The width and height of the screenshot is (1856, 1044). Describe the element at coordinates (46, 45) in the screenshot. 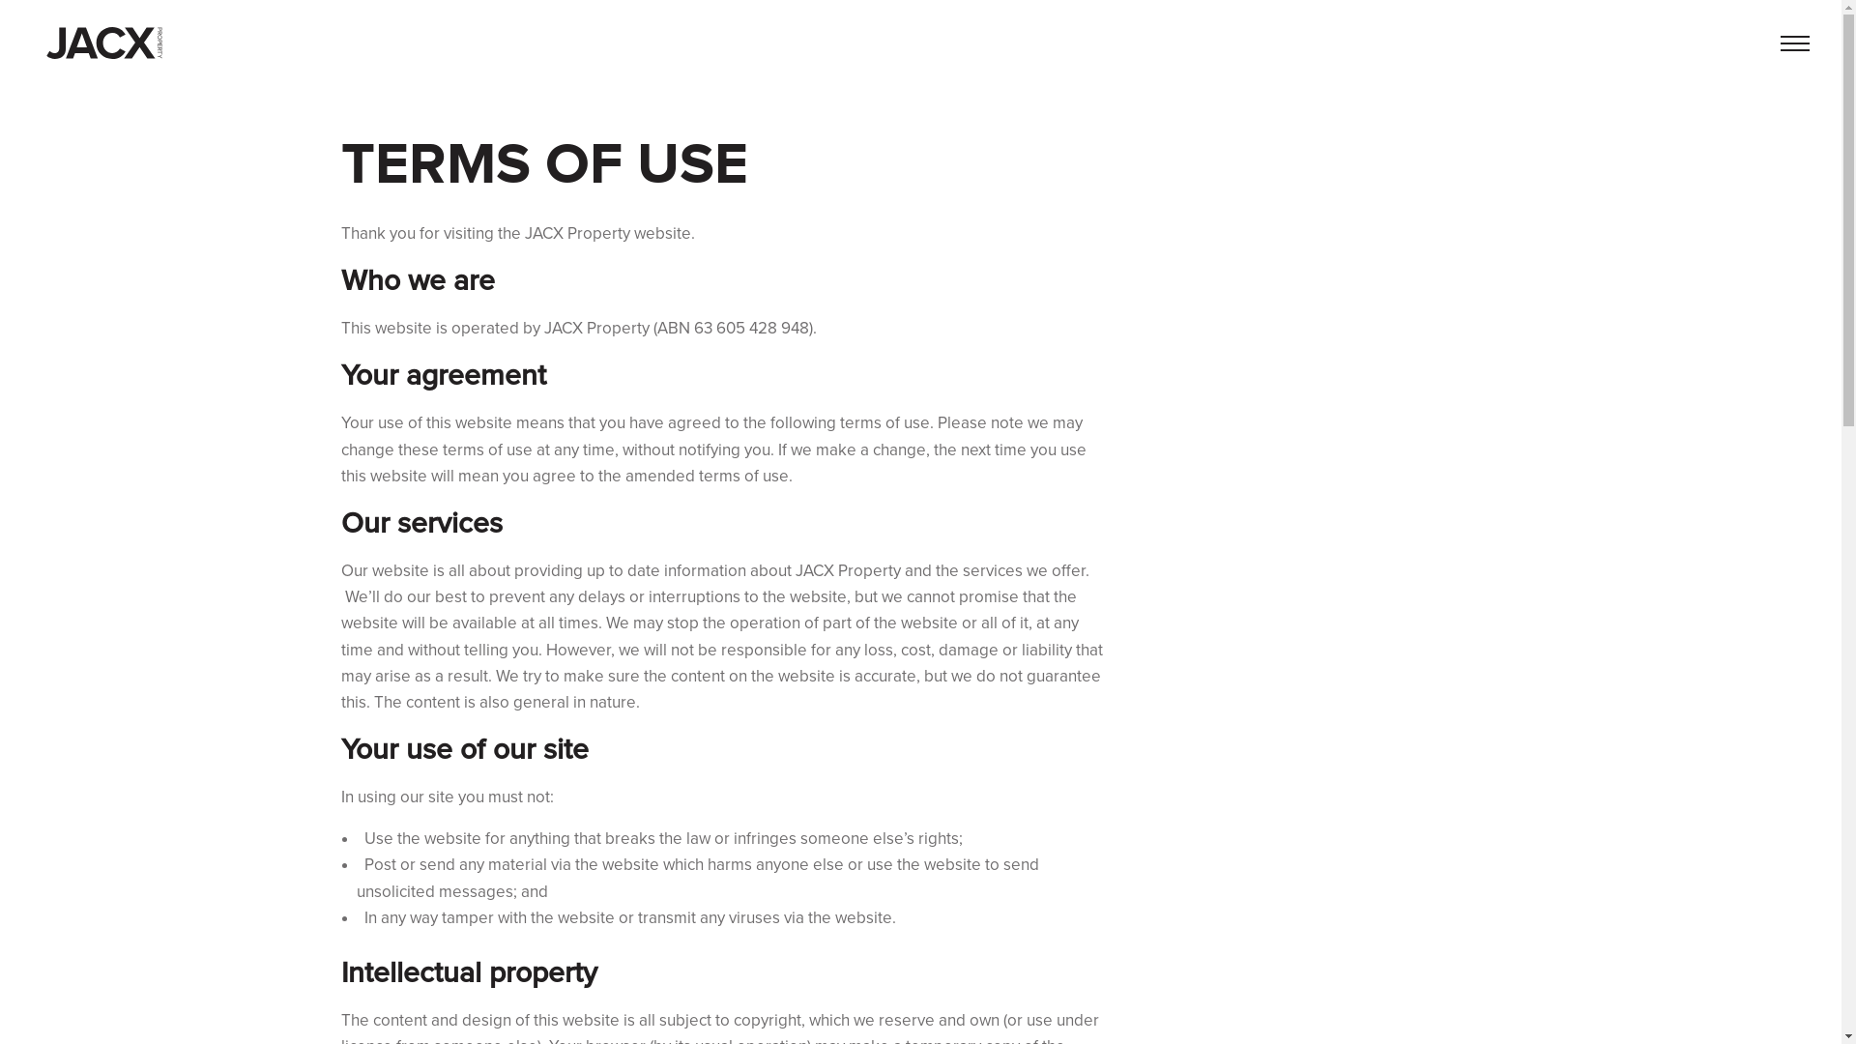

I see `'Back to home'` at that location.